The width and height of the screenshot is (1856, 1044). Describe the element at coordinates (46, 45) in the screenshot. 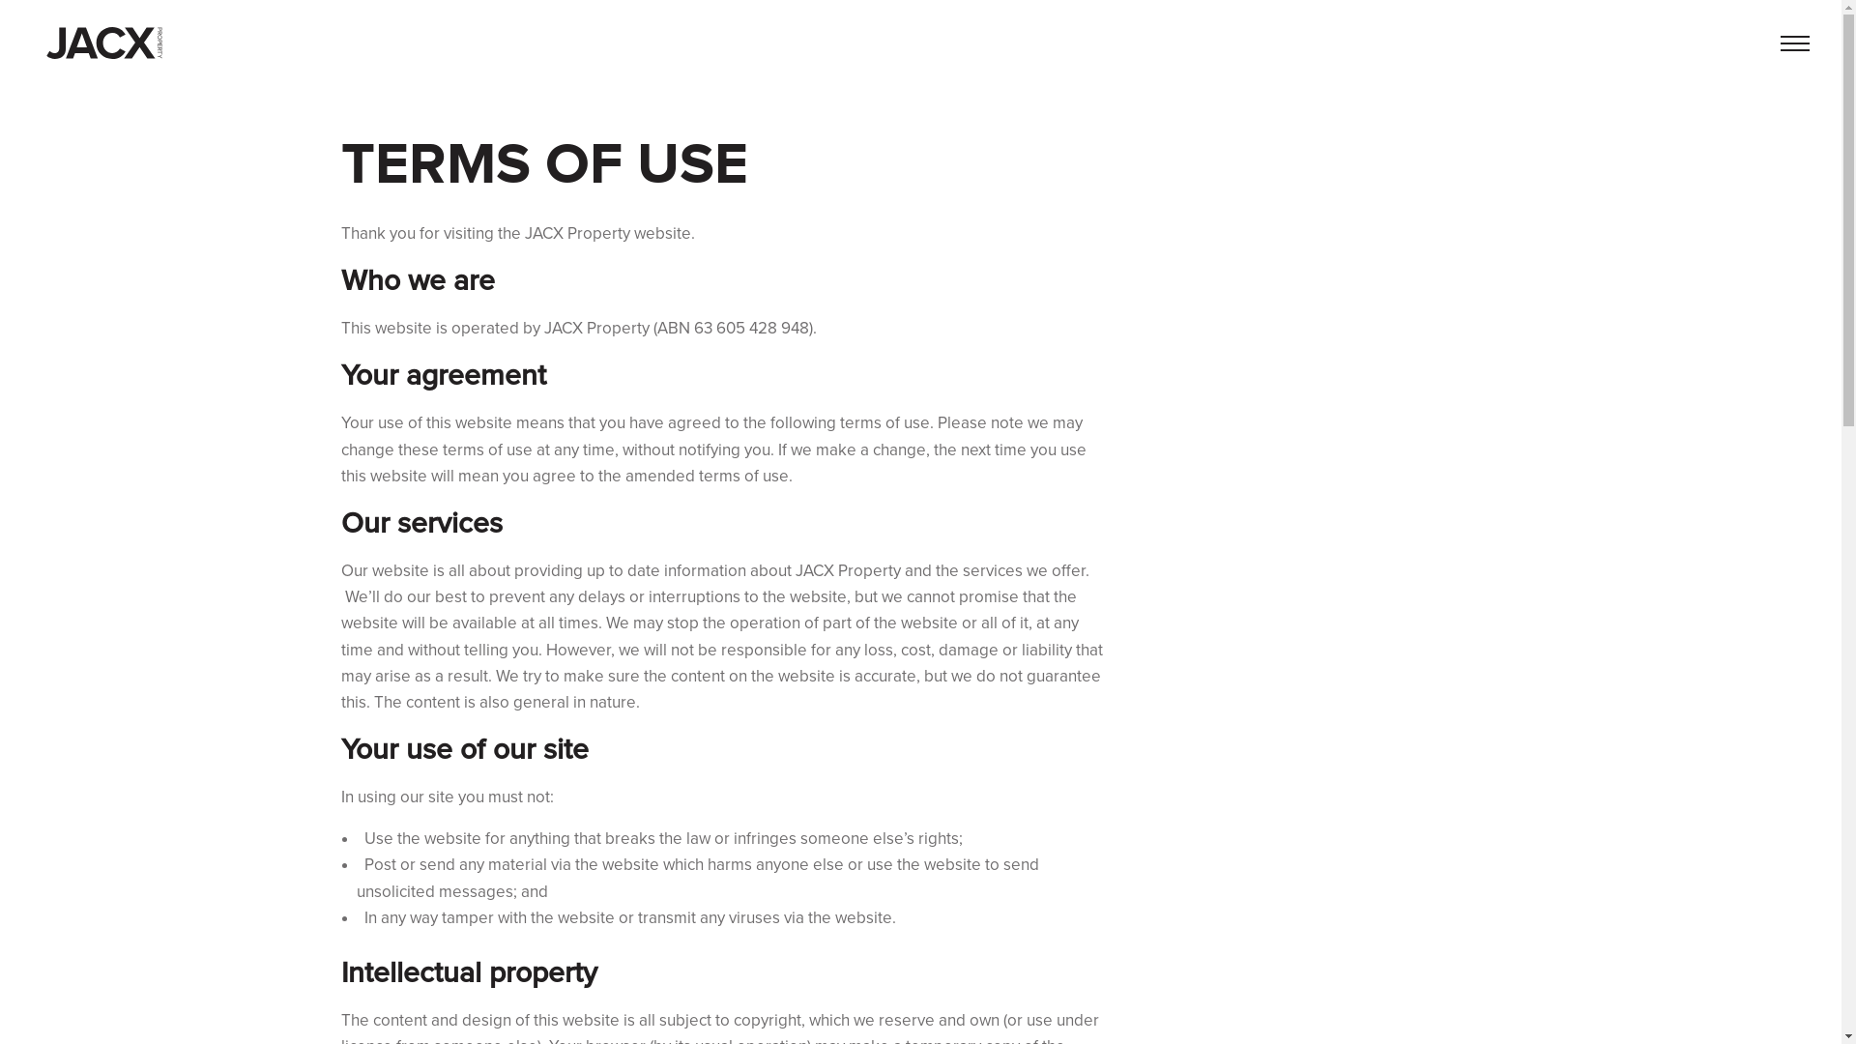

I see `'Back to home'` at that location.